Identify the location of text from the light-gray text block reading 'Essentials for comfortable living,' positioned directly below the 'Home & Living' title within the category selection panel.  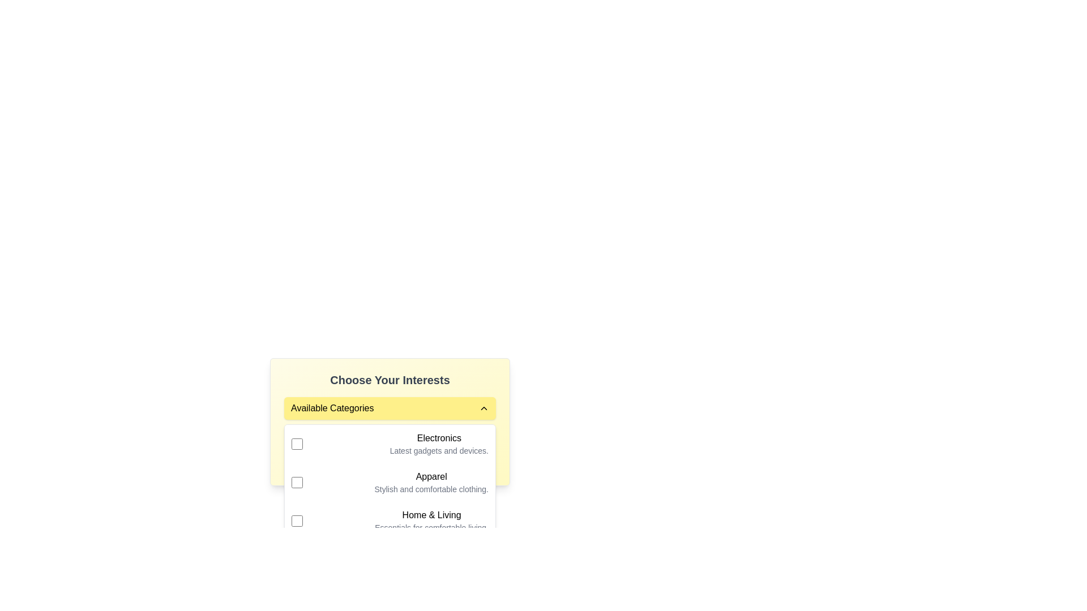
(431, 528).